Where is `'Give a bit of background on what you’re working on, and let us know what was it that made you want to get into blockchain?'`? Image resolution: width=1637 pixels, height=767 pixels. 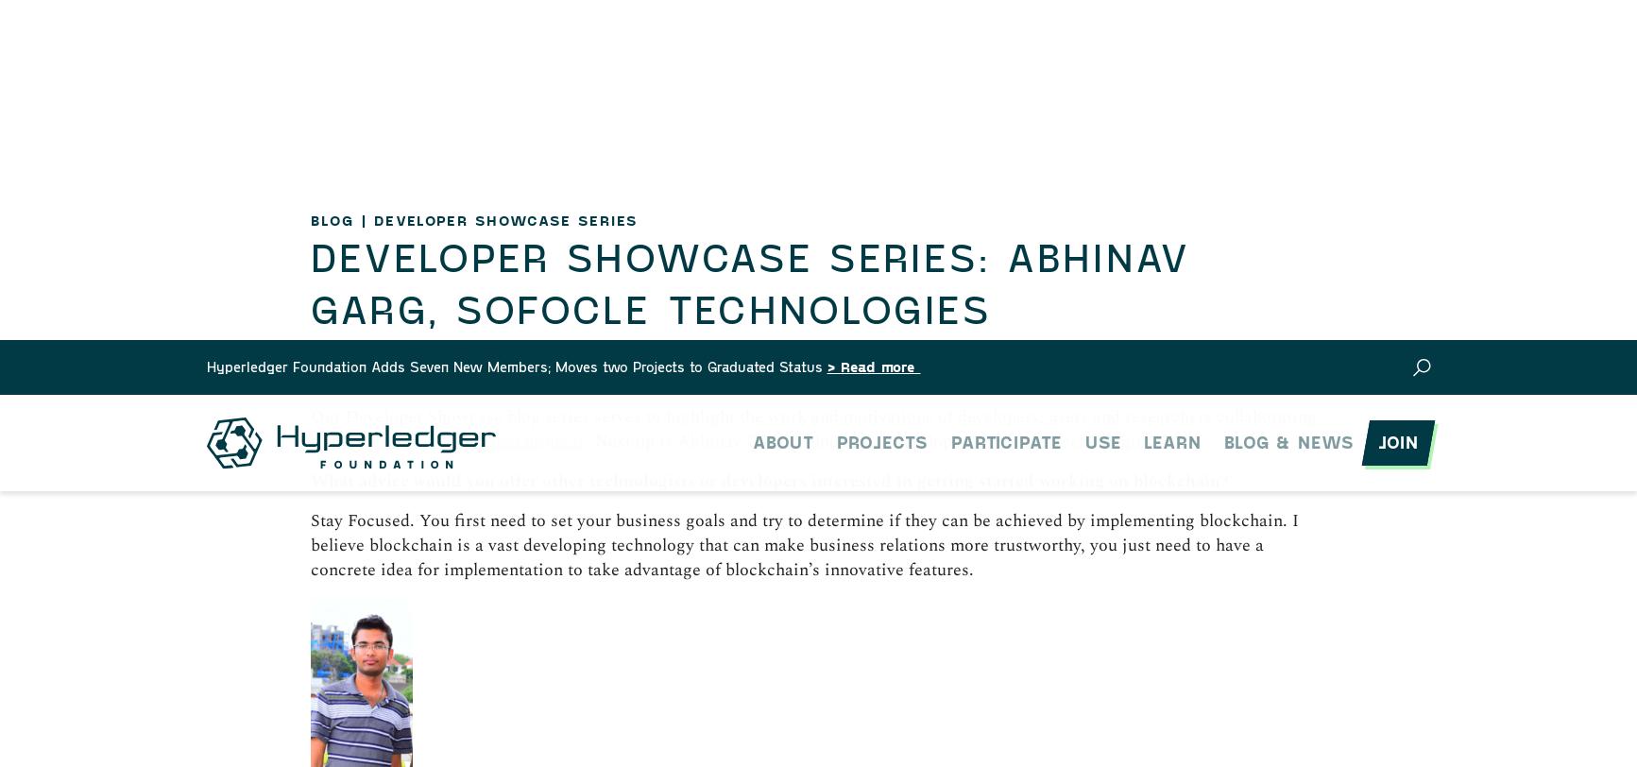
'Give a bit of background on what you’re working on, and let us know what was it that made you want to get into blockchain?' is located at coordinates (309, 540).